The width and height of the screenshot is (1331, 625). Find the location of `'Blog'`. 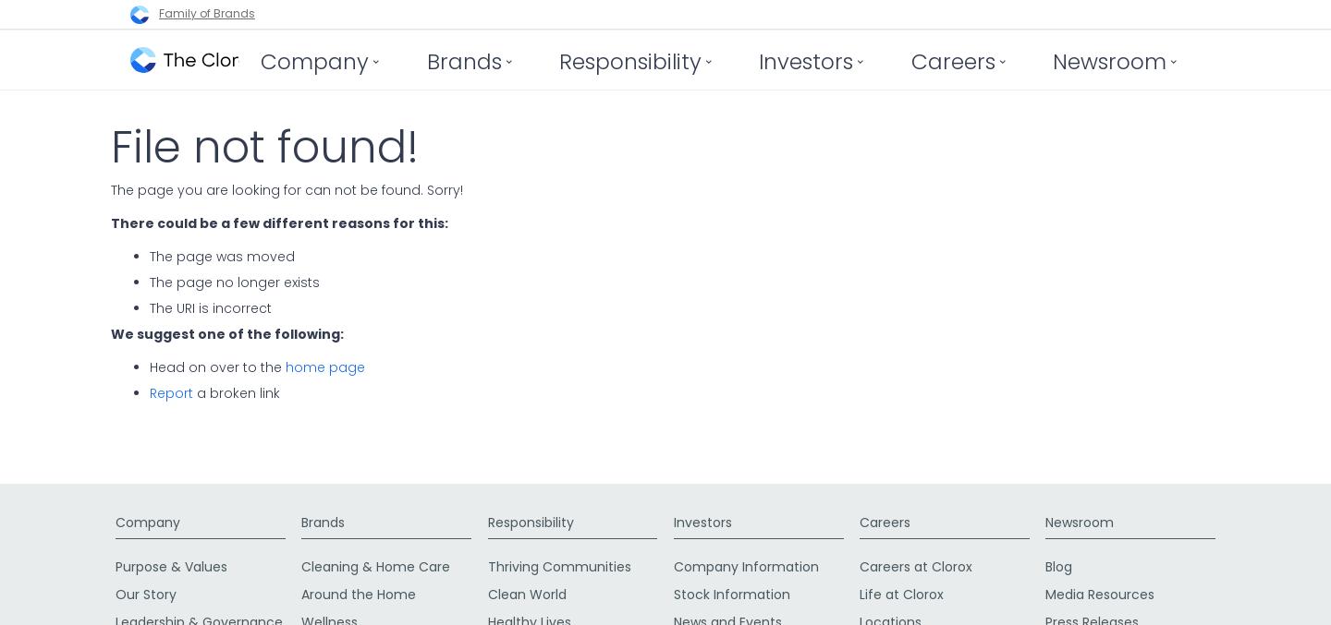

'Blog' is located at coordinates (1058, 566).